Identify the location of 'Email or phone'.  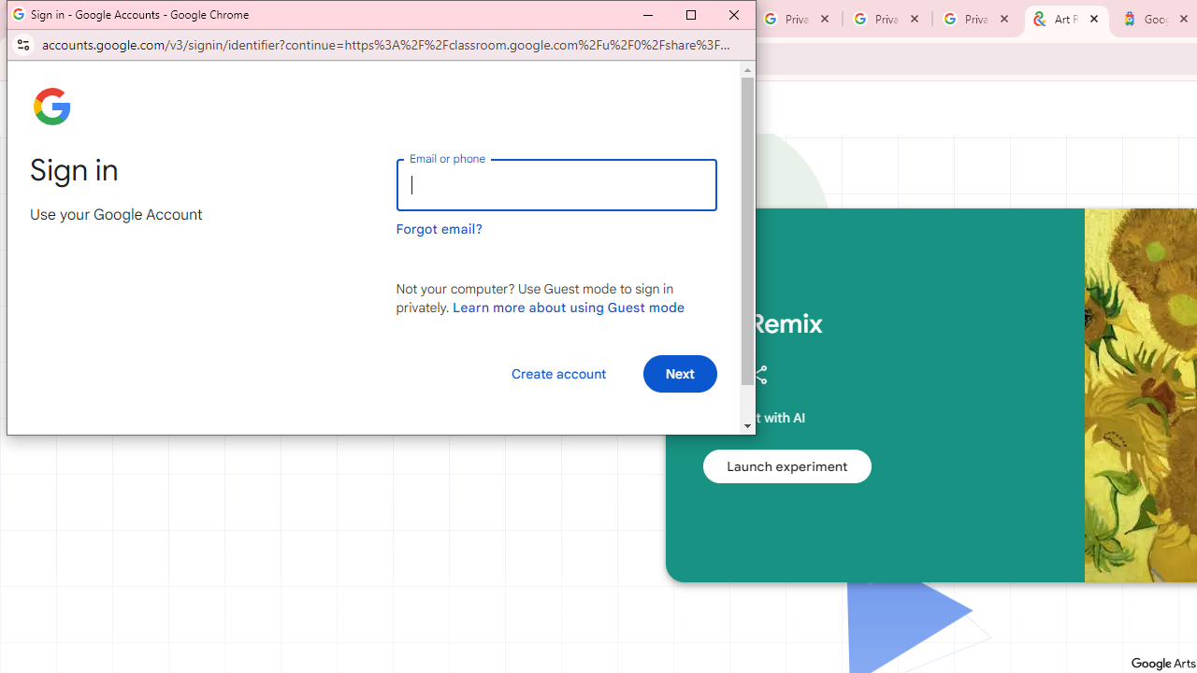
(555, 185).